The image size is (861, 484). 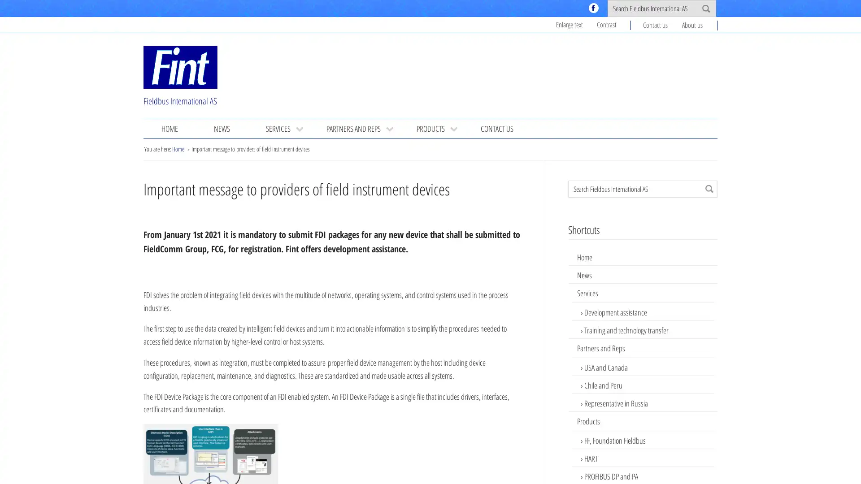 I want to click on Search, so click(x=705, y=9).